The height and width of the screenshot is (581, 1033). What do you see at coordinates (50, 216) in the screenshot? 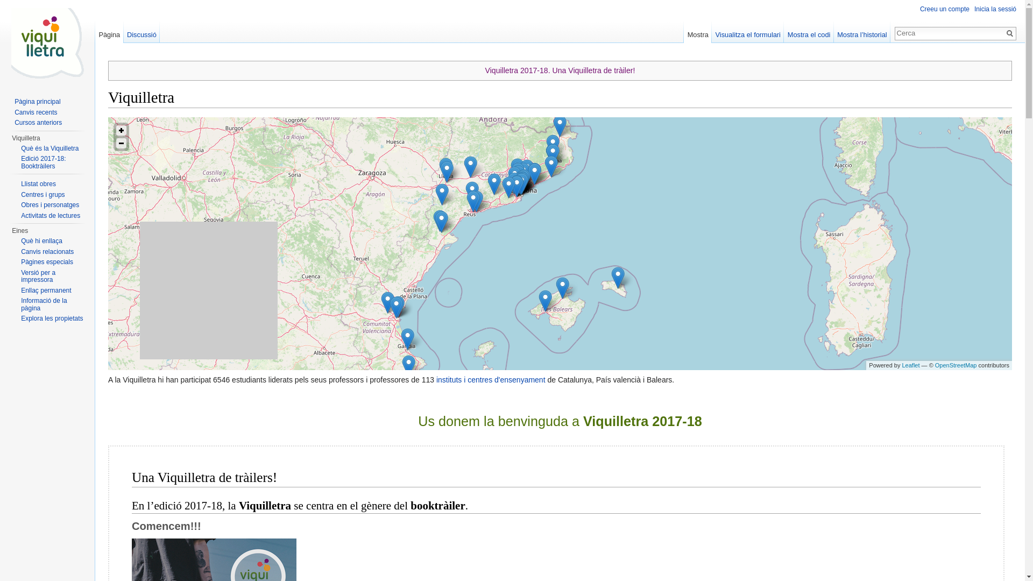
I see `'Activitats de lectures'` at bounding box center [50, 216].